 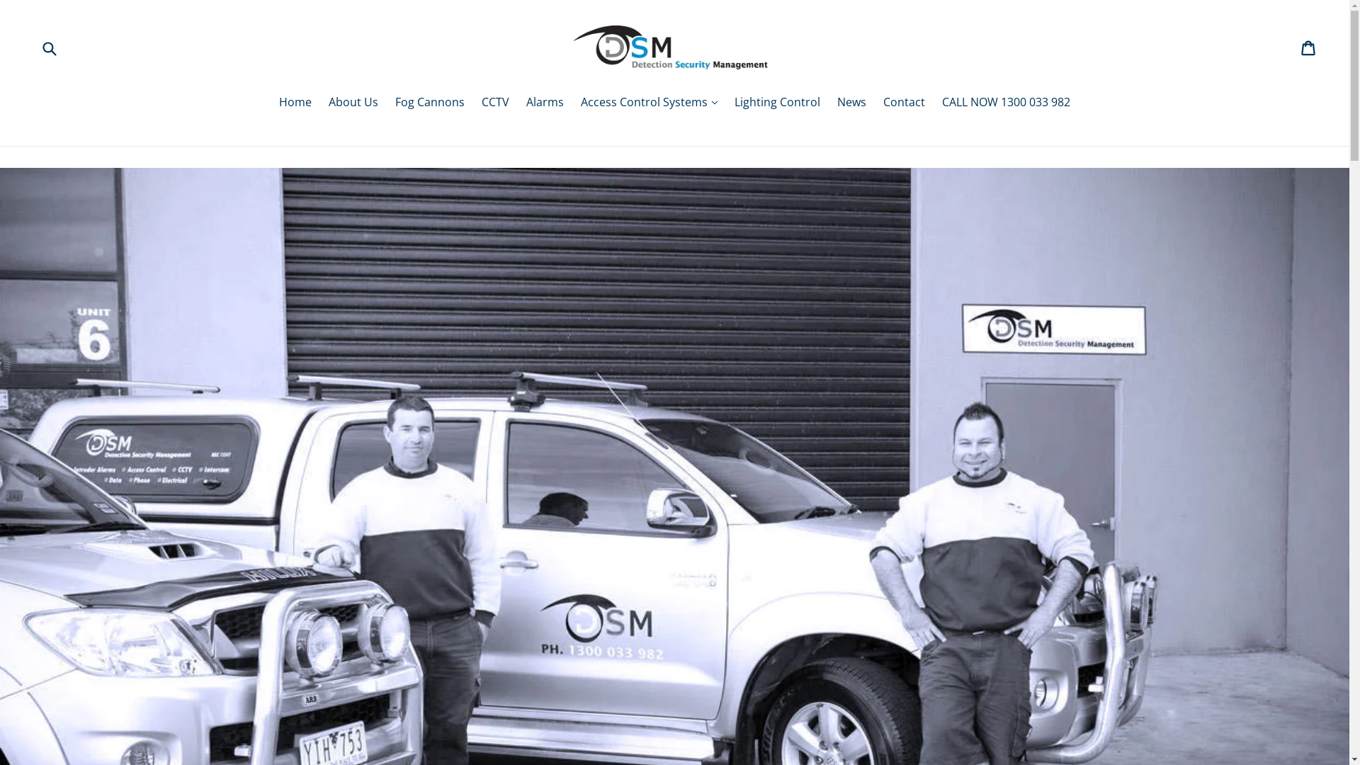 I want to click on 'Lighting Control', so click(x=776, y=102).